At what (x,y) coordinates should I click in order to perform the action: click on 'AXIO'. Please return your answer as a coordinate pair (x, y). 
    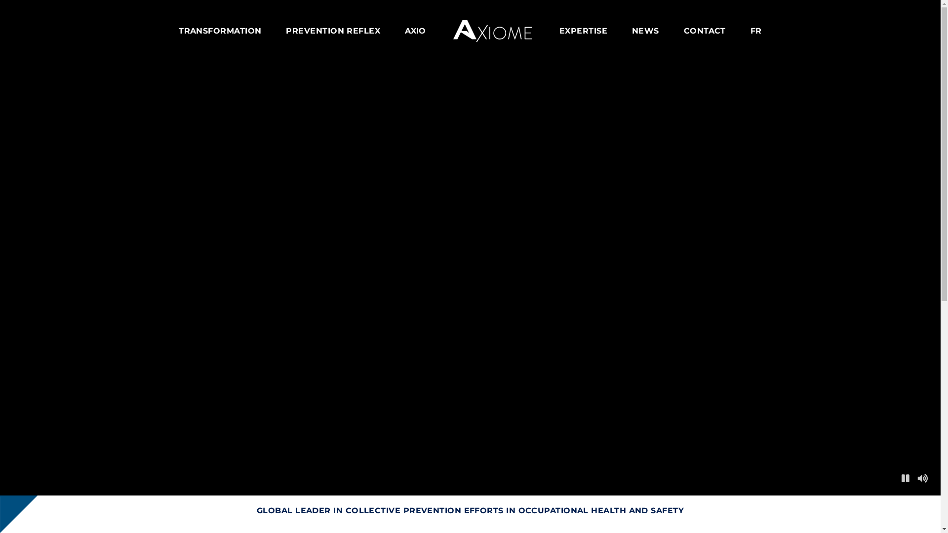
    Looking at the image, I should click on (415, 31).